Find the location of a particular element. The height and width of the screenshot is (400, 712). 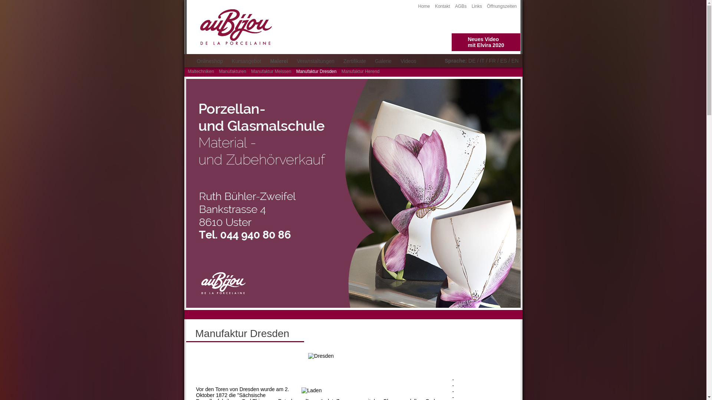

'Manufaktur Dresden' is located at coordinates (316, 71).